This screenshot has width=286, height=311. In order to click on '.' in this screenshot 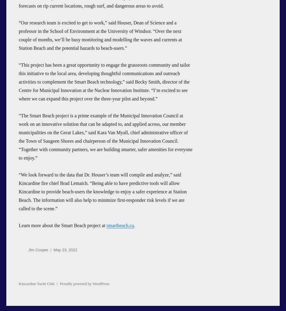, I will do `click(134, 225)`.